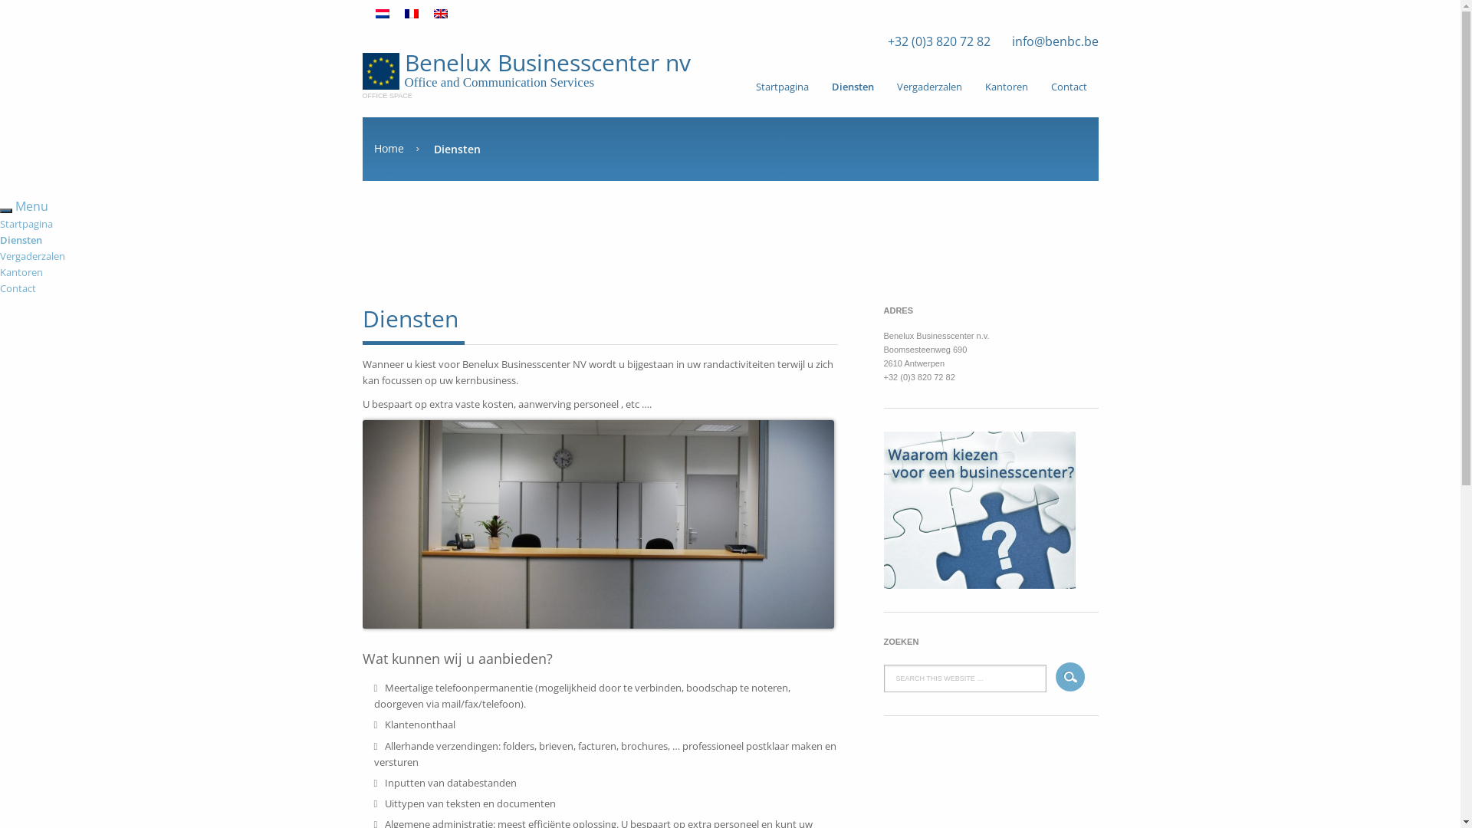 The height and width of the screenshot is (828, 1472). What do you see at coordinates (396, 148) in the screenshot?
I see `'Home'` at bounding box center [396, 148].